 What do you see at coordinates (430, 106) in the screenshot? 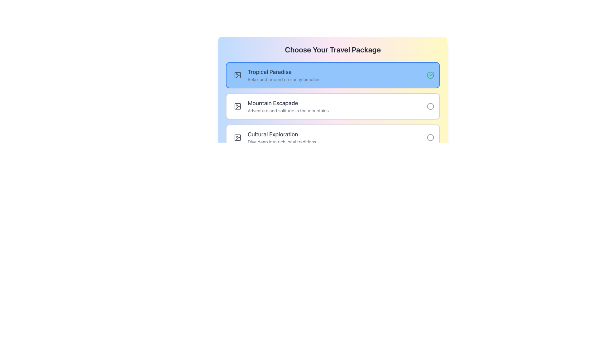
I see `the circular icon with a thin border representing a status indicator located in the second item of the vertical list under 'Mountain Escapade'` at bounding box center [430, 106].